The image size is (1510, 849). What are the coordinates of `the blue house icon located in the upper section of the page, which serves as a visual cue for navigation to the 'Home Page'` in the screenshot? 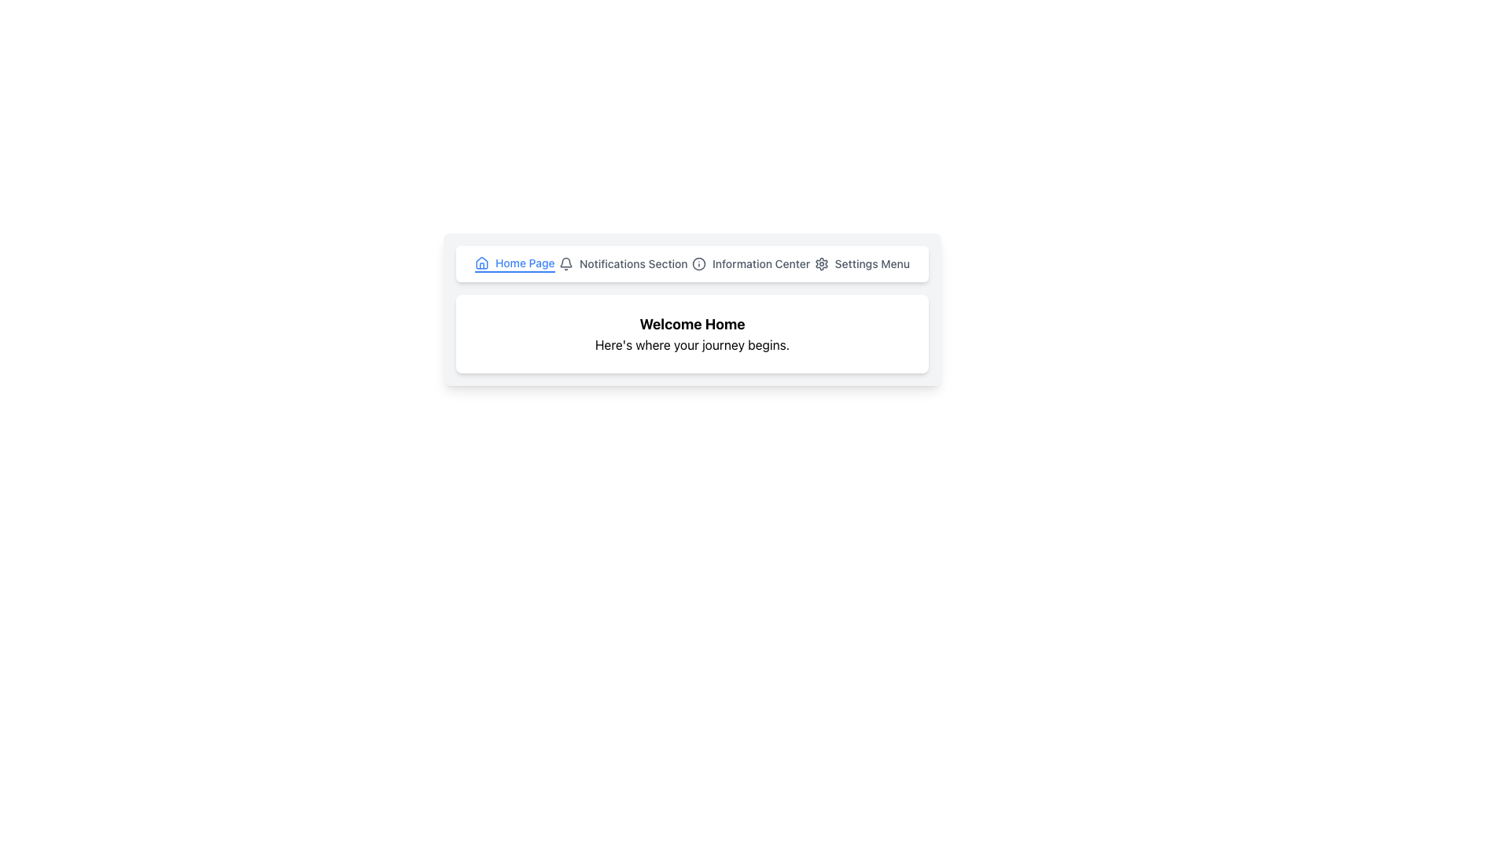 It's located at (481, 263).